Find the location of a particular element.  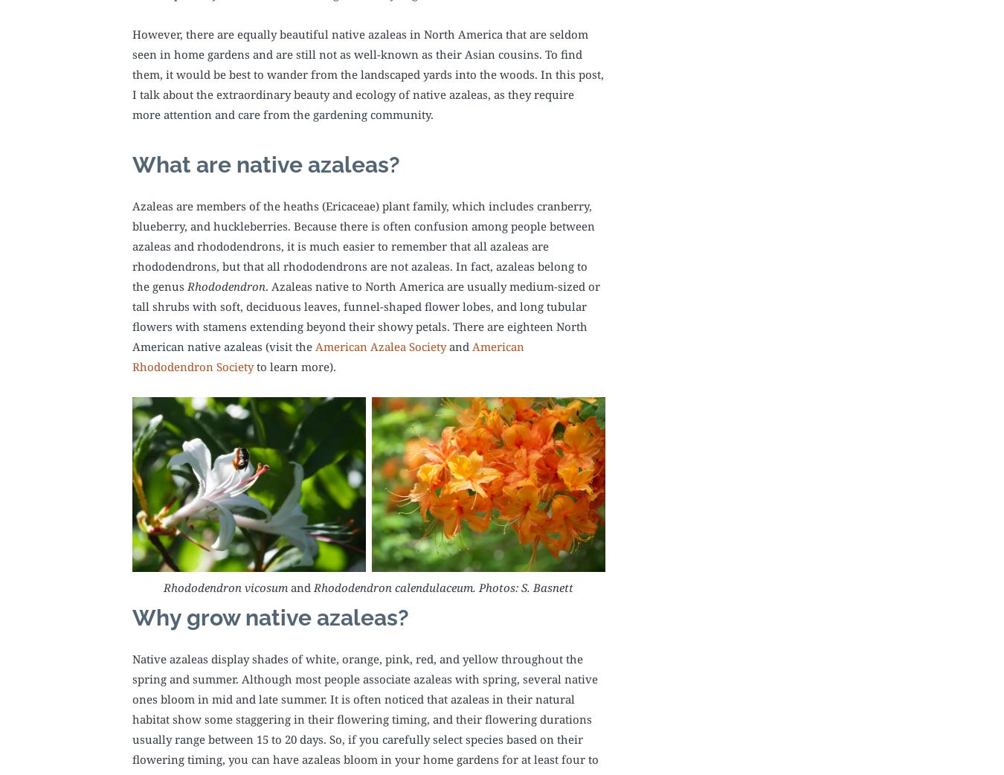

'to learn more).' is located at coordinates (295, 366).